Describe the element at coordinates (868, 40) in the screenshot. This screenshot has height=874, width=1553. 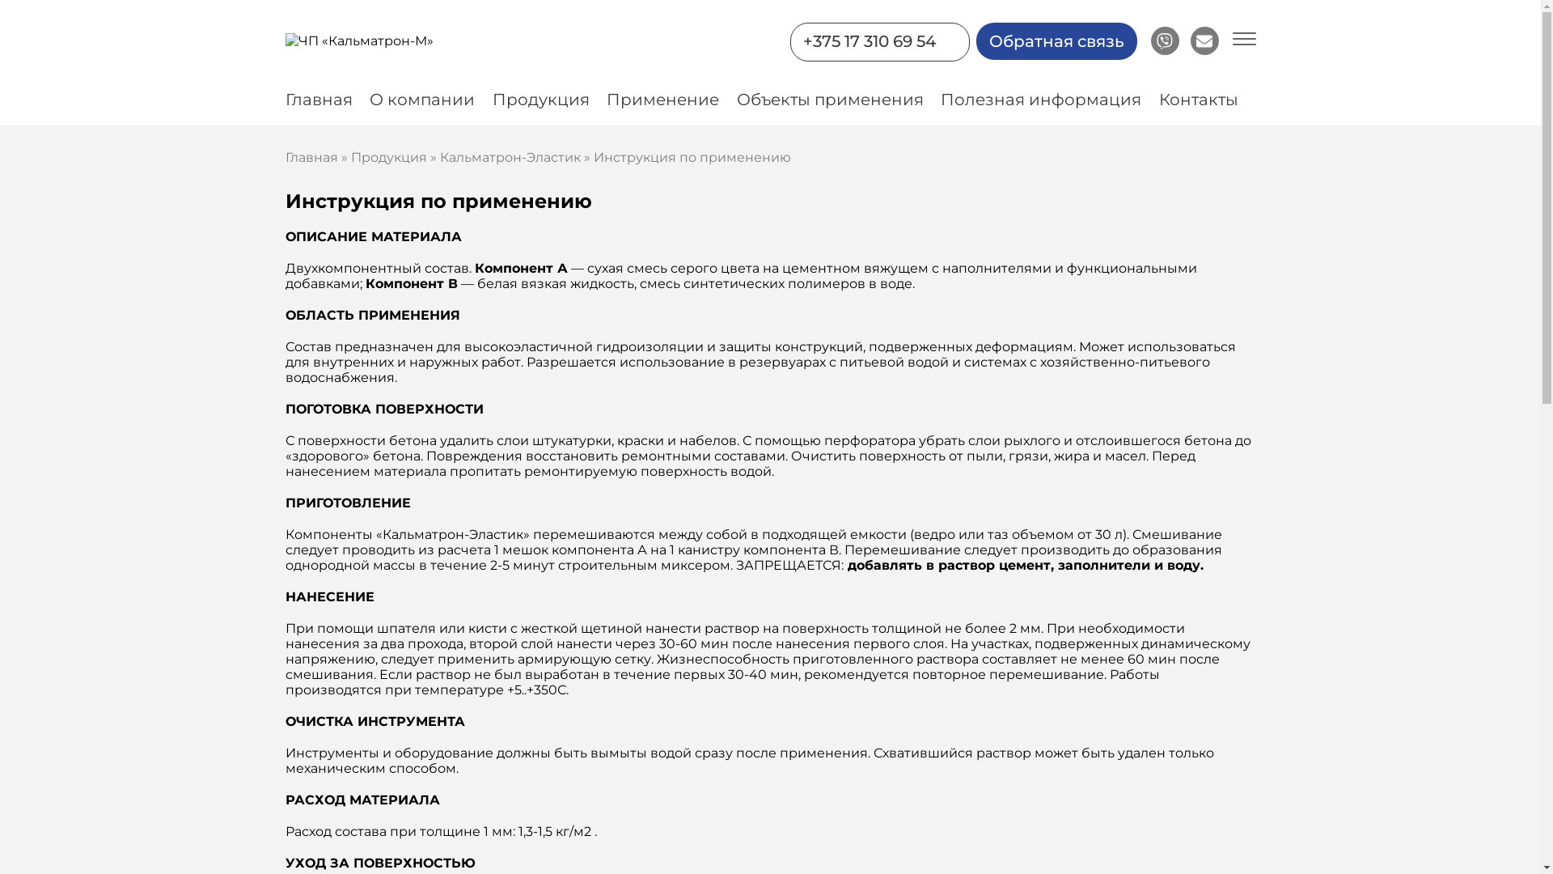
I see `'+375 17 310 69 54'` at that location.